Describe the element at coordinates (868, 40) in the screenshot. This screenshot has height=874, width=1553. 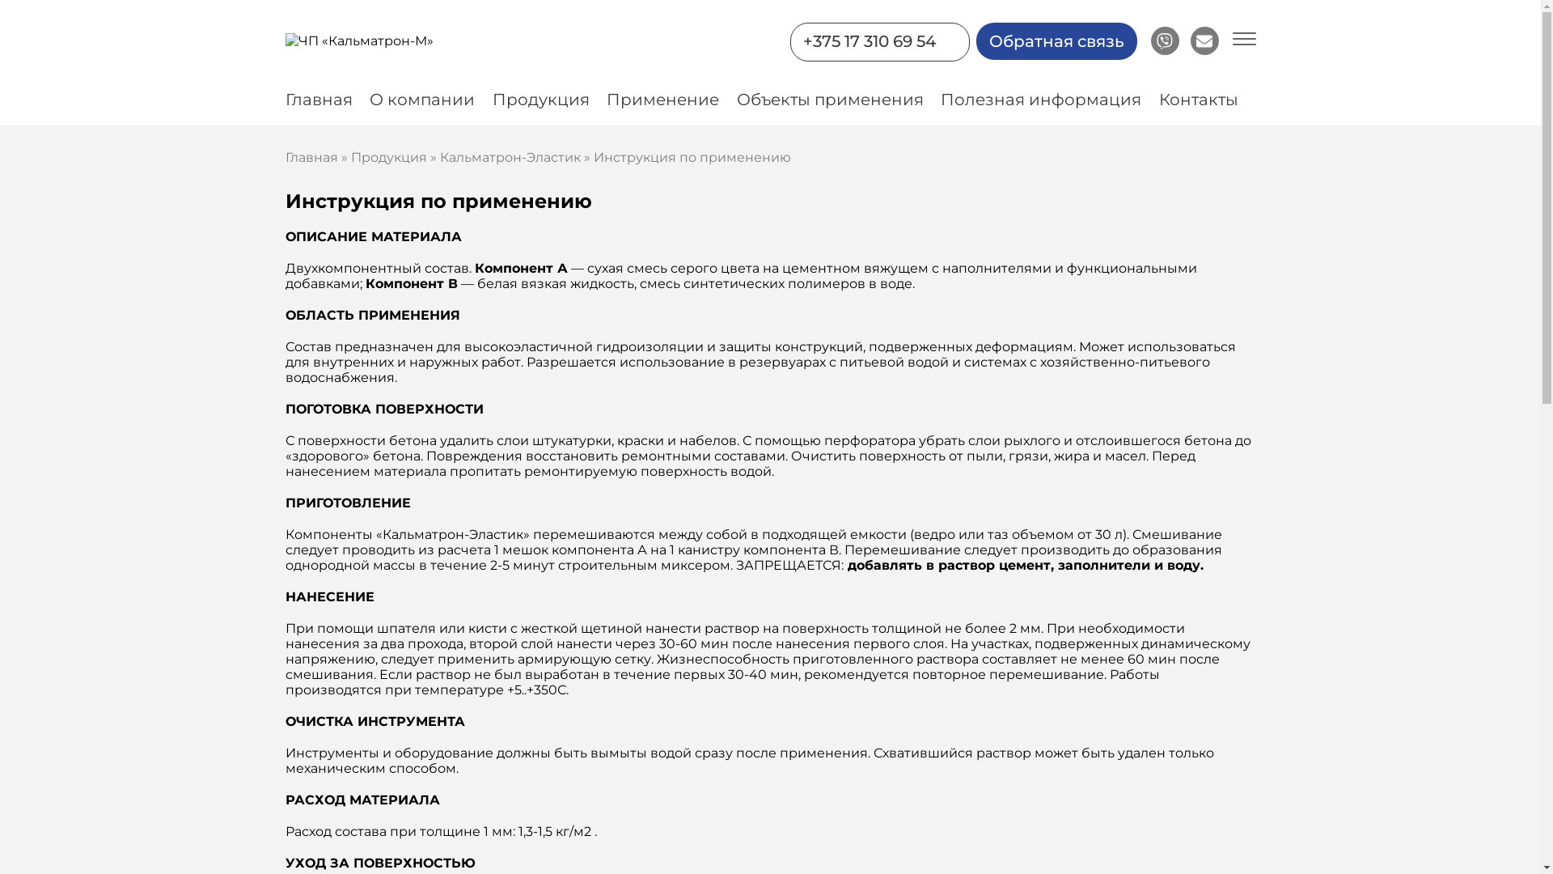
I see `'+375 17 310 69 54'` at that location.